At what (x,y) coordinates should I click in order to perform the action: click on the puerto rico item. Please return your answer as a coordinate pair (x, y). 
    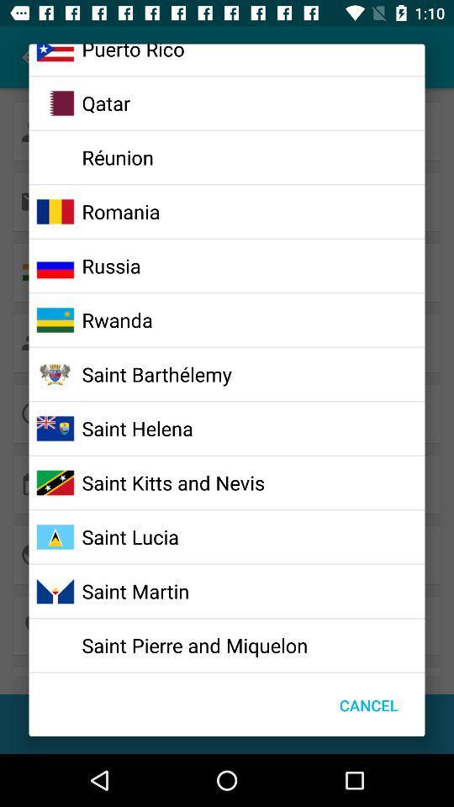
    Looking at the image, I should click on (132, 53).